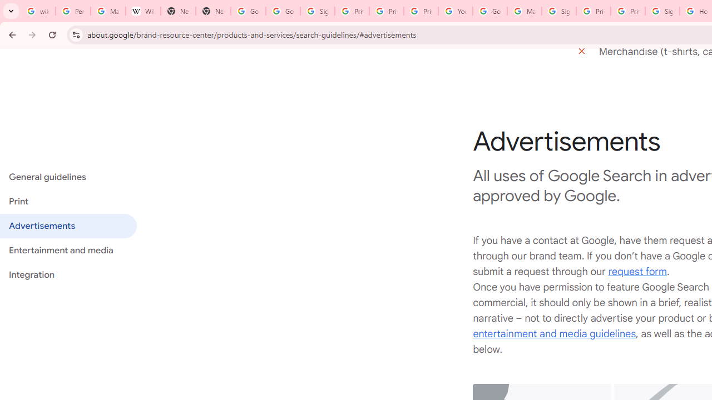 This screenshot has width=712, height=400. What do you see at coordinates (67, 275) in the screenshot?
I see `'Integration'` at bounding box center [67, 275].